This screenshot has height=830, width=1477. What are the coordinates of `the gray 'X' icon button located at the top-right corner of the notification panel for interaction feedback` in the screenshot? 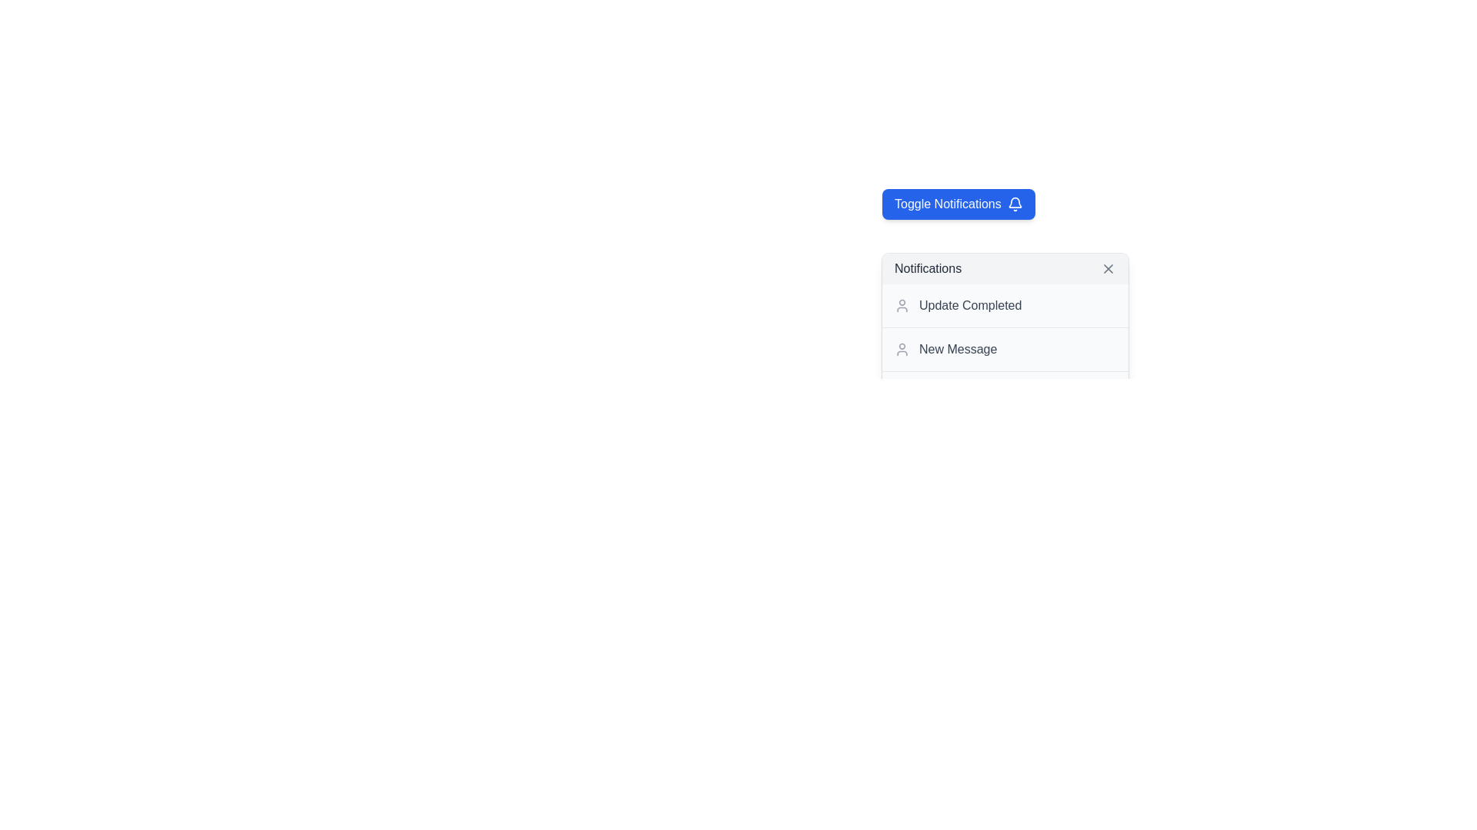 It's located at (1108, 268).